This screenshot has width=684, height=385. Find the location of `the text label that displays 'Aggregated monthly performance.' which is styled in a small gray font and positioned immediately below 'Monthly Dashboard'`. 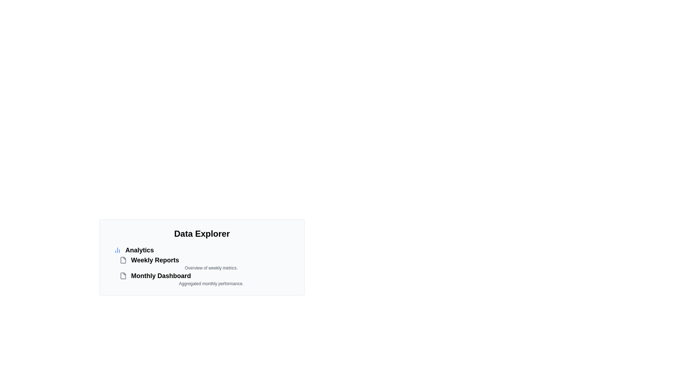

the text label that displays 'Aggregated monthly performance.' which is styled in a small gray font and positioned immediately below 'Monthly Dashboard' is located at coordinates (211, 283).